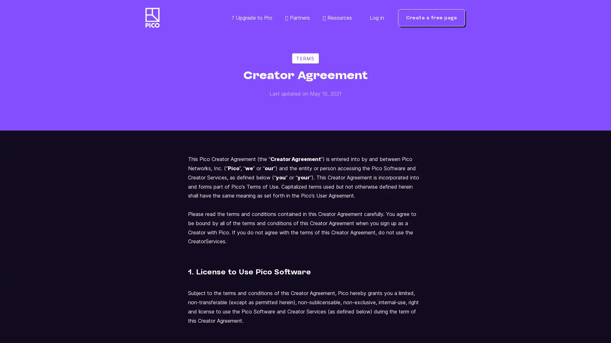  I want to click on Decline, so click(484, 313).